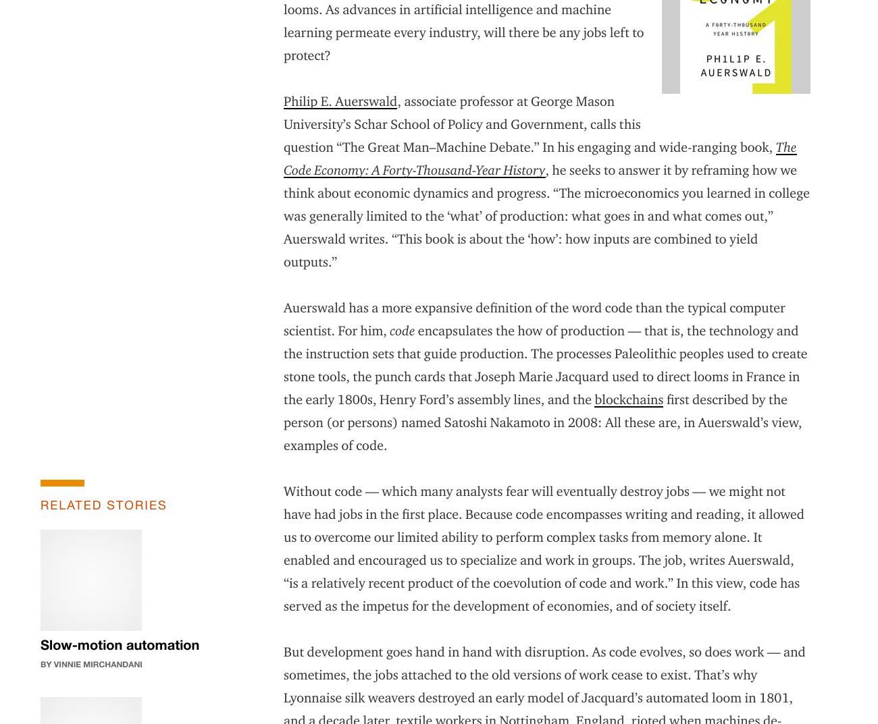 The width and height of the screenshot is (878, 724). What do you see at coordinates (540, 623) in the screenshot?
I see `'Follow s+b on X'` at bounding box center [540, 623].